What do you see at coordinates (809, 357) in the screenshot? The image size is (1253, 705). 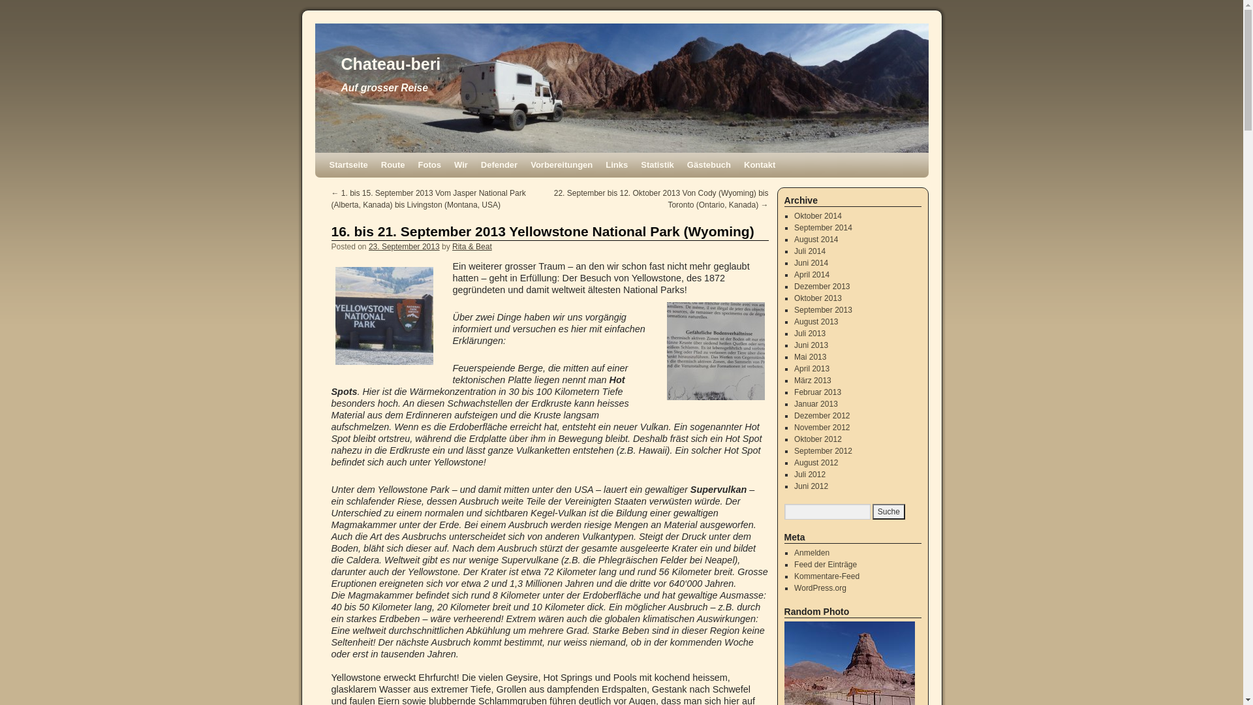 I see `'Mai 2013'` at bounding box center [809, 357].